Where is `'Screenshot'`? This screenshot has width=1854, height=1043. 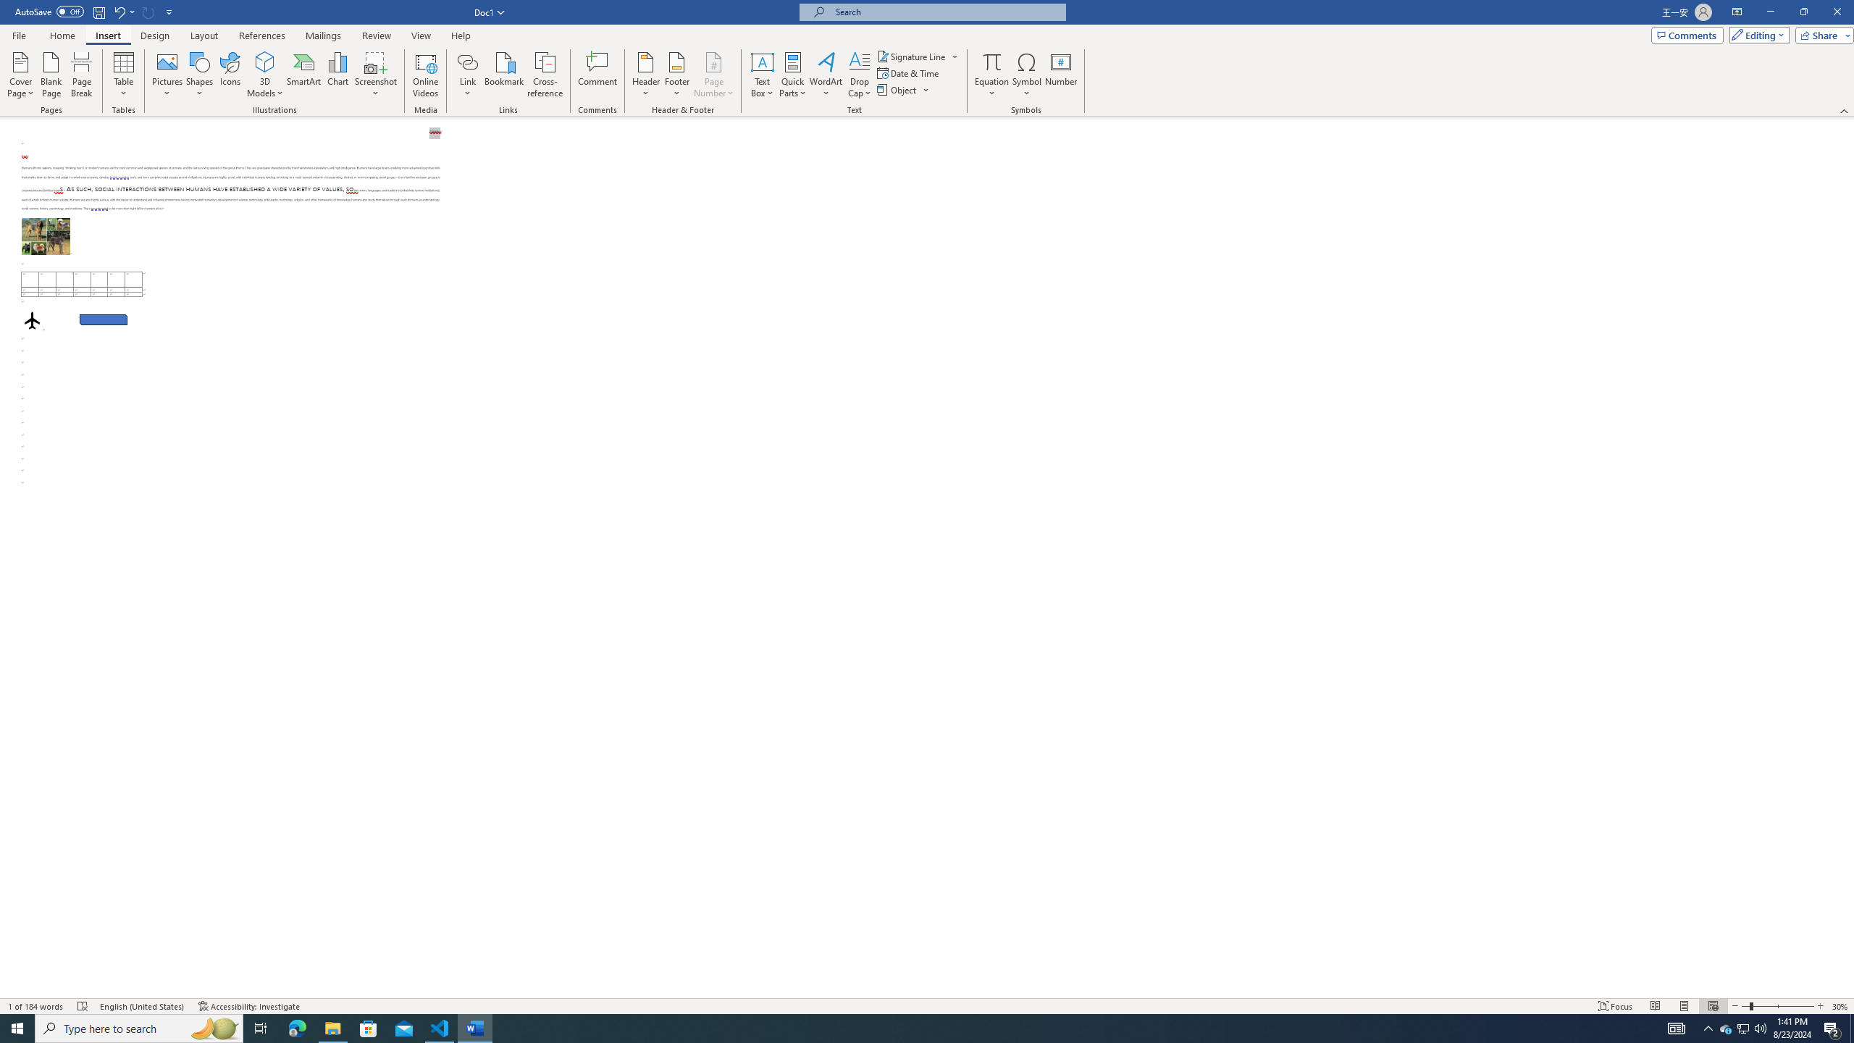
'Screenshot' is located at coordinates (375, 75).